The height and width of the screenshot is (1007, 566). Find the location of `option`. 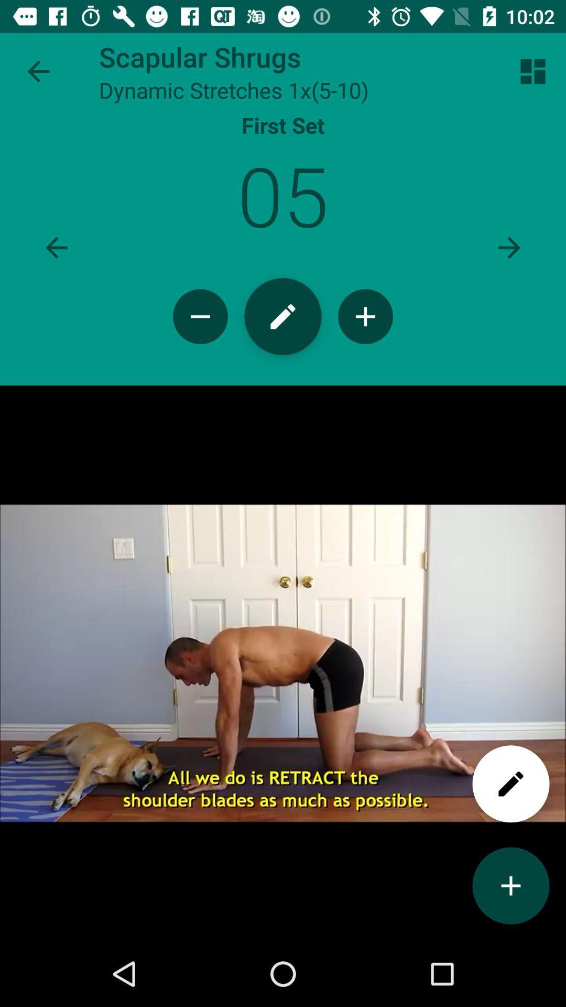

option is located at coordinates (57, 247).